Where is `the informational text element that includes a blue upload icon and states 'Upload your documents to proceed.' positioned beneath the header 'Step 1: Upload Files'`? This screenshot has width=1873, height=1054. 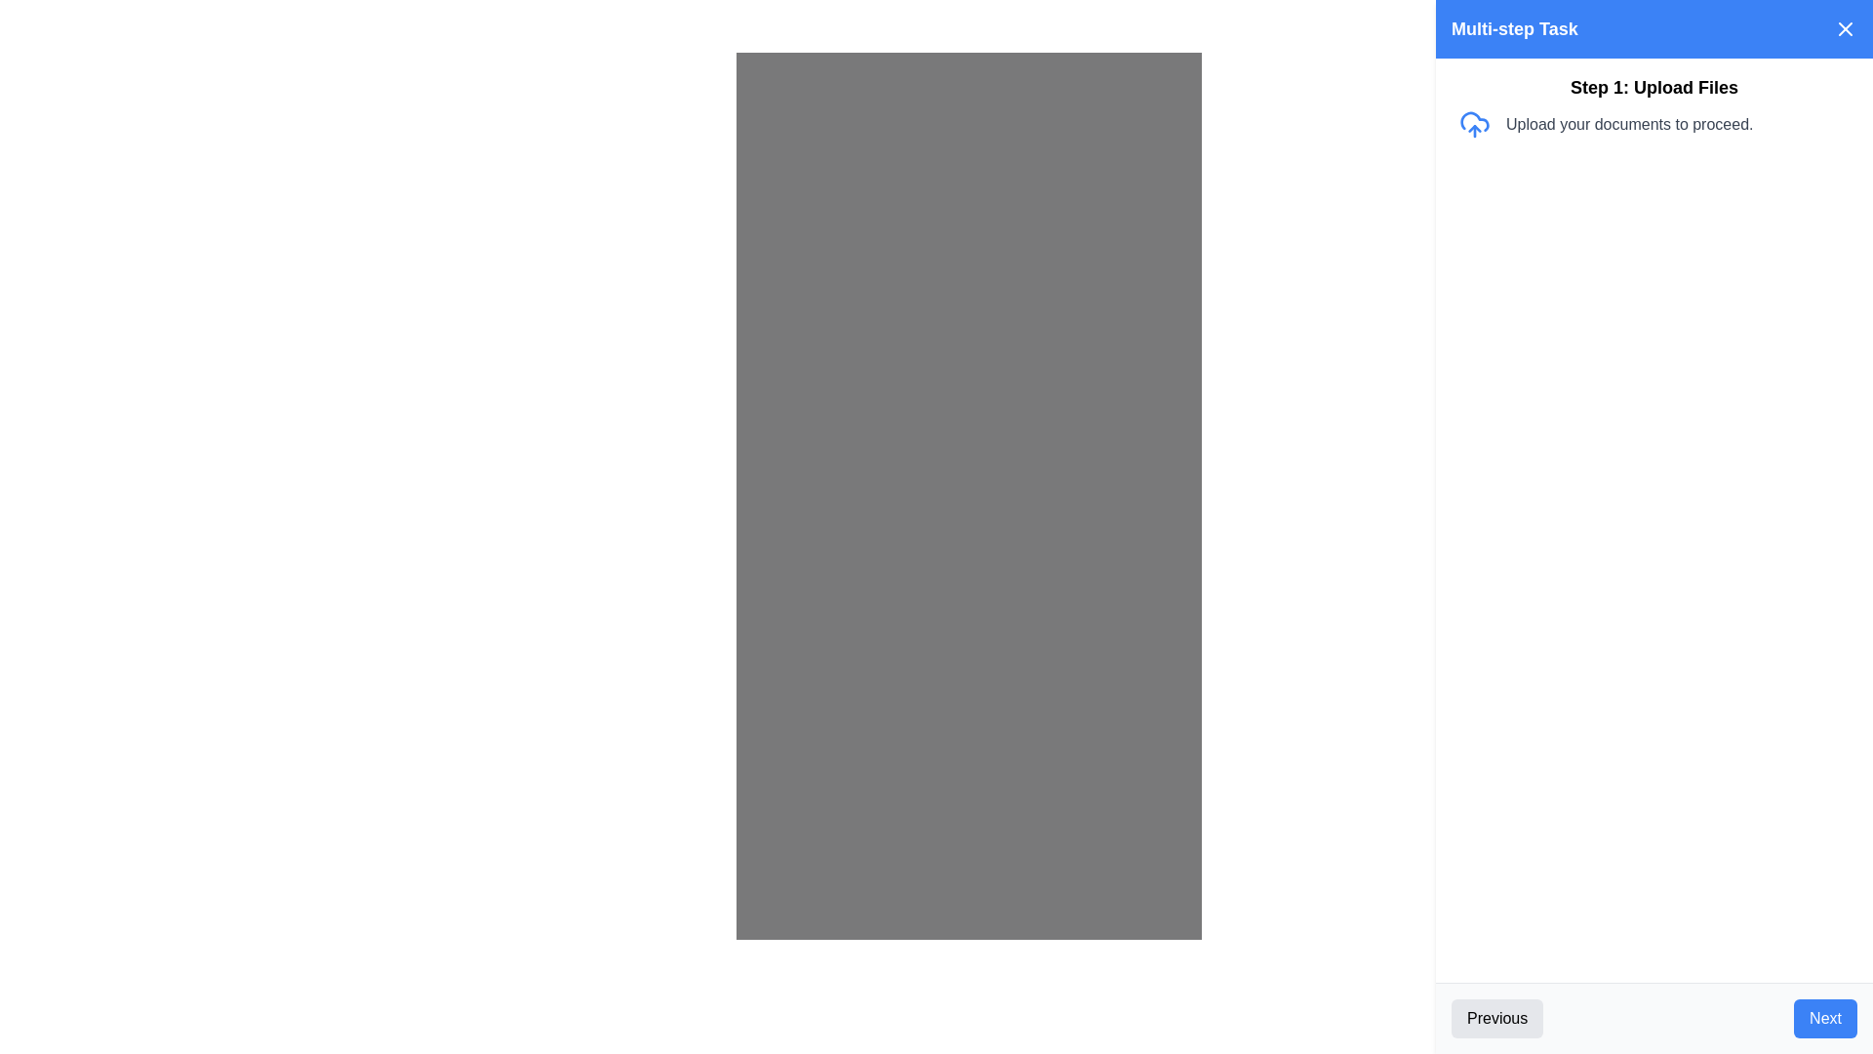 the informational text element that includes a blue upload icon and states 'Upload your documents to proceed.' positioned beneath the header 'Step 1: Upload Files' is located at coordinates (1653, 124).